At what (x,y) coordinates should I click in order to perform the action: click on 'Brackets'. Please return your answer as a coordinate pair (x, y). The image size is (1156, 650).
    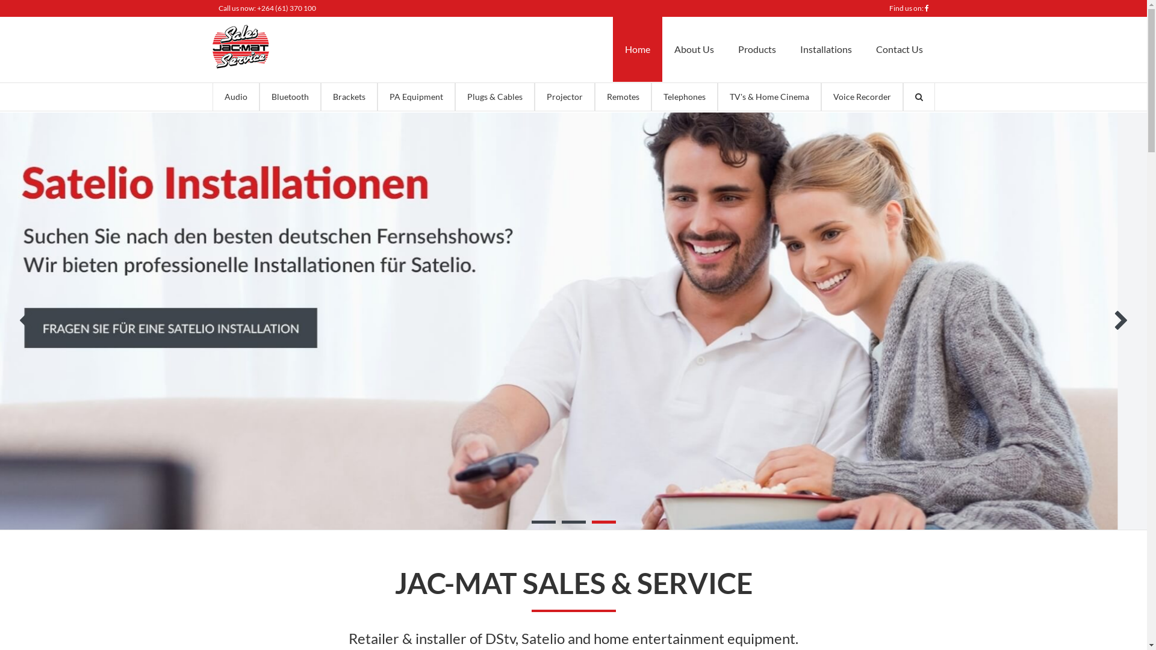
    Looking at the image, I should click on (320, 96).